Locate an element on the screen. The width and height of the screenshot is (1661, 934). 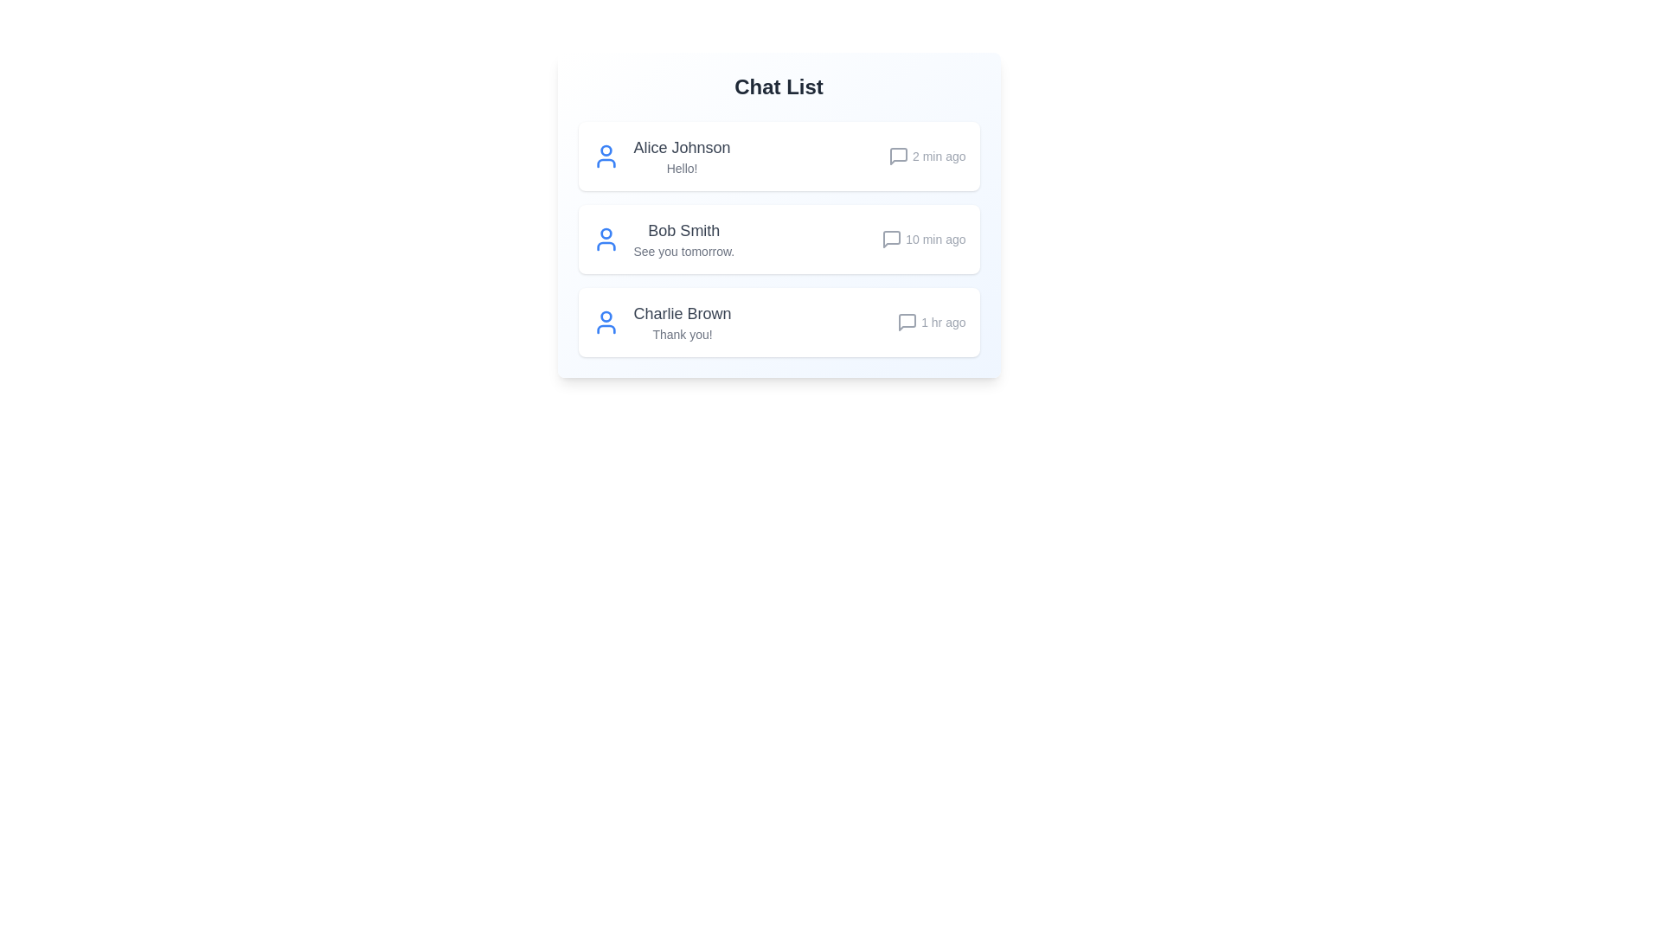
the user icon for Charlie Brown to inspect its functionality is located at coordinates (606, 323).